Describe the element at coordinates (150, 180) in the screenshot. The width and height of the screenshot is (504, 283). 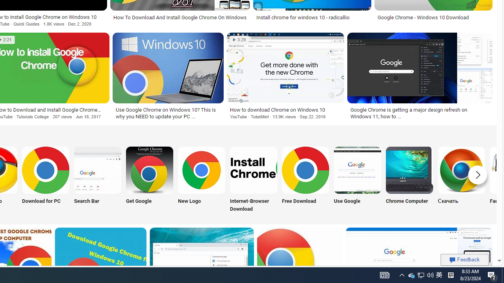
I see `'Get Google'` at that location.